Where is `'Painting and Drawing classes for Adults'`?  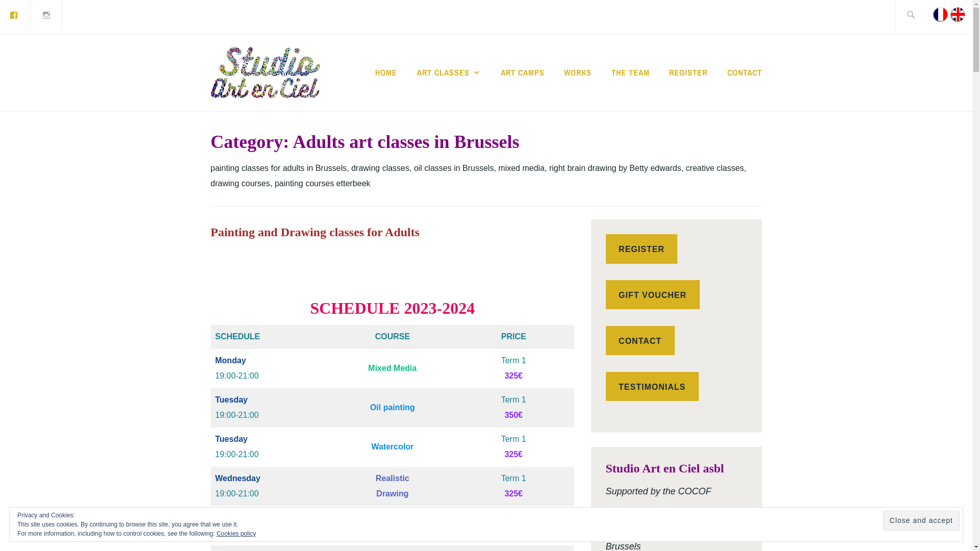
'Painting and Drawing classes for Adults' is located at coordinates (314, 232).